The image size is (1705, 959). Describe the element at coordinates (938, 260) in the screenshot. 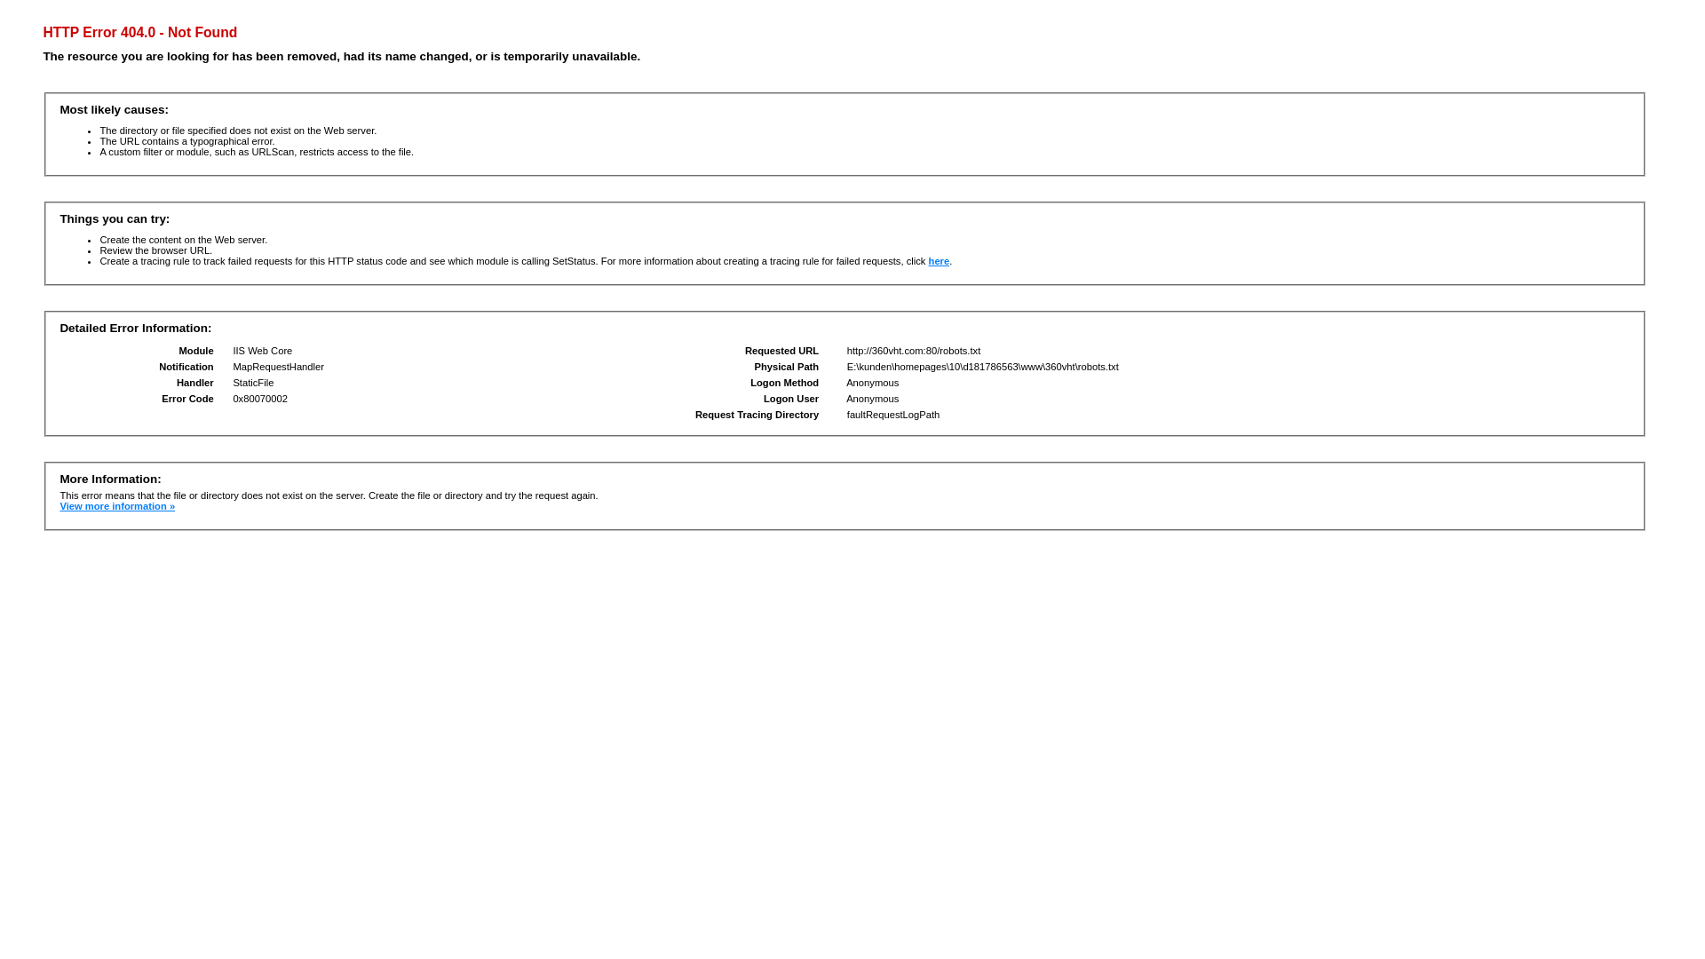

I see `'here'` at that location.